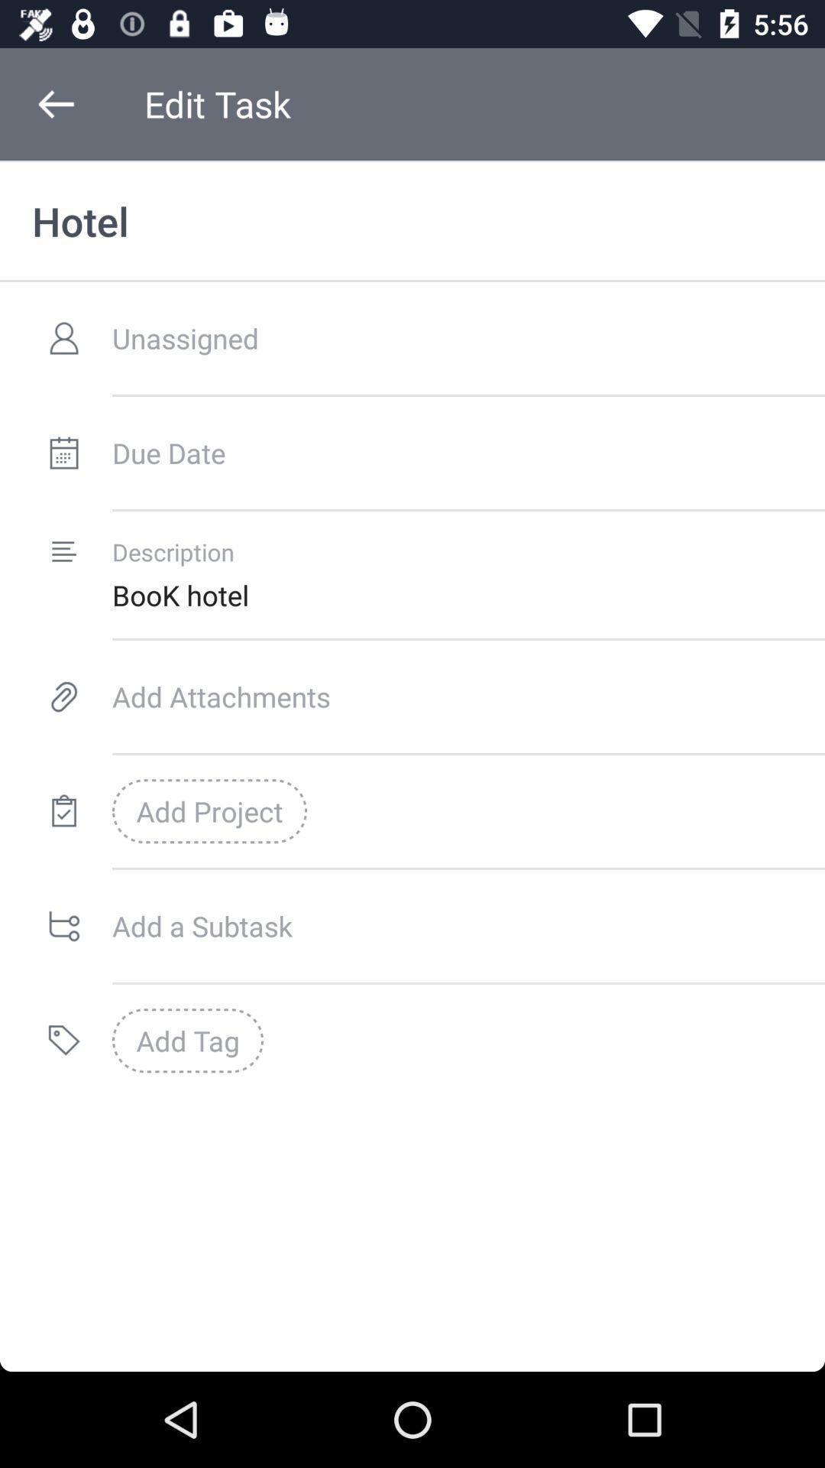  What do you see at coordinates (467, 696) in the screenshot?
I see `the icon below the book hotel icon` at bounding box center [467, 696].